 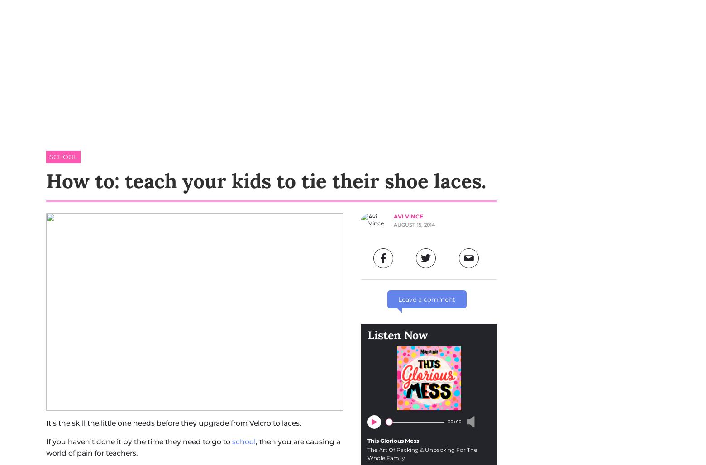 I want to click on 'Help Centre', so click(x=584, y=182).